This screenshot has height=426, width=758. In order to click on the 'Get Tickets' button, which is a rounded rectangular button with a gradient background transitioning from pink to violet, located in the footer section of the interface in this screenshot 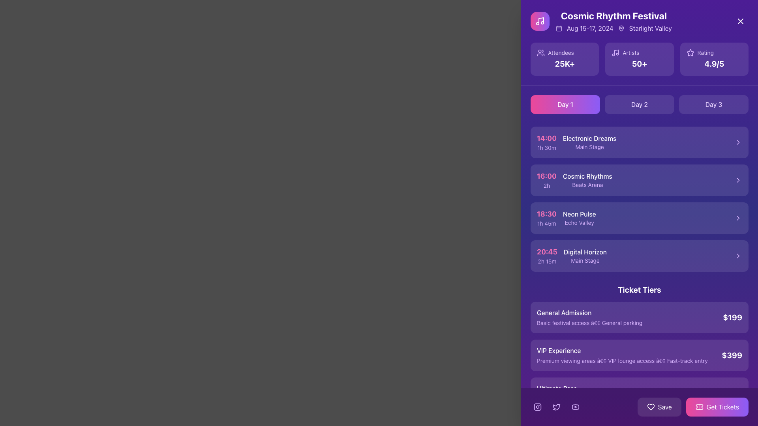, I will do `click(717, 407)`.